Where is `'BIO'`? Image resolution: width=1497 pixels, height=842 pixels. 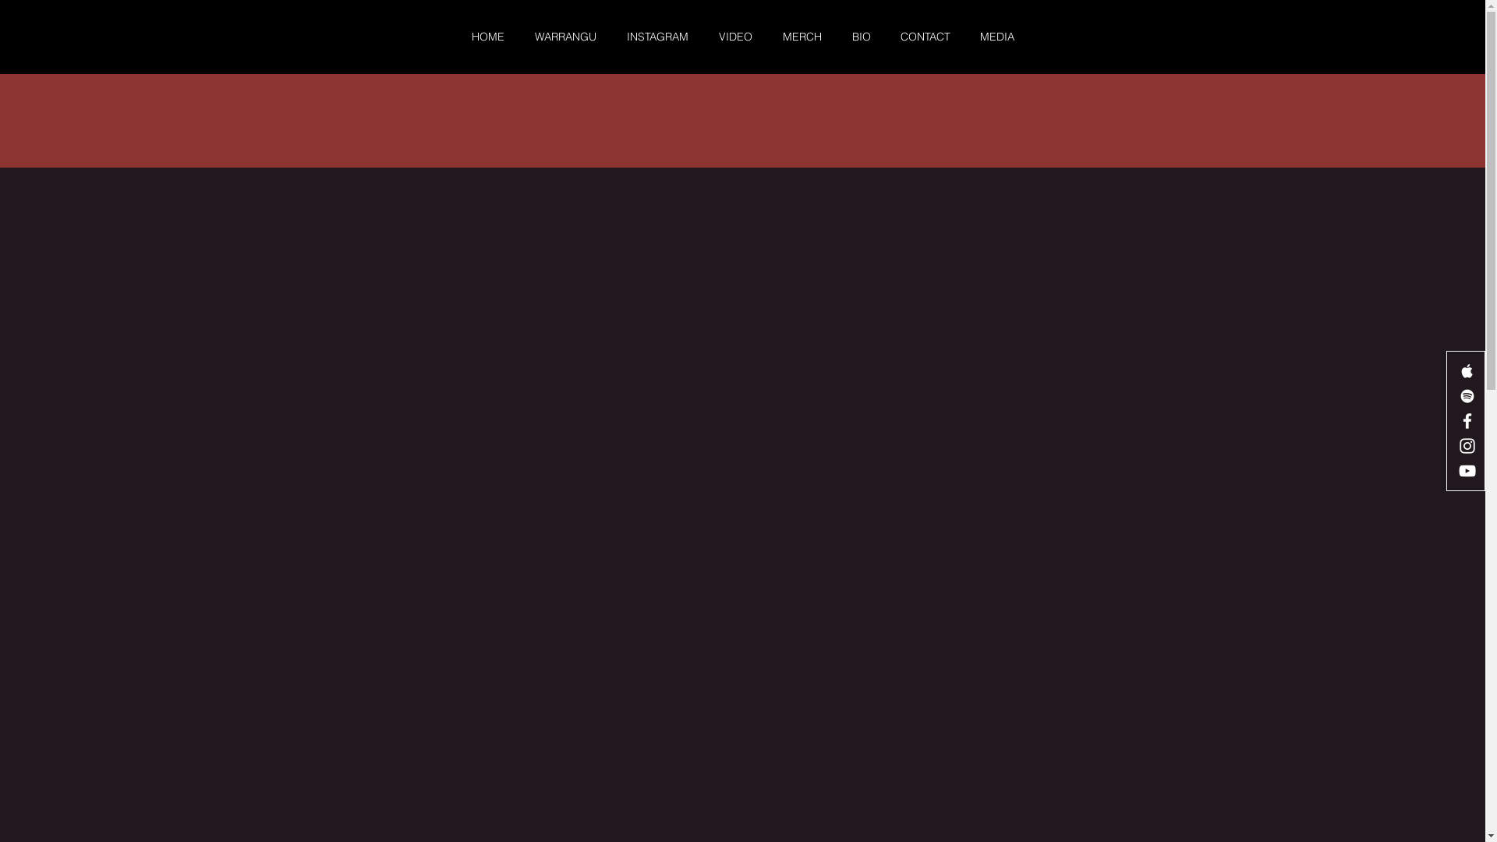 'BIO' is located at coordinates (860, 36).